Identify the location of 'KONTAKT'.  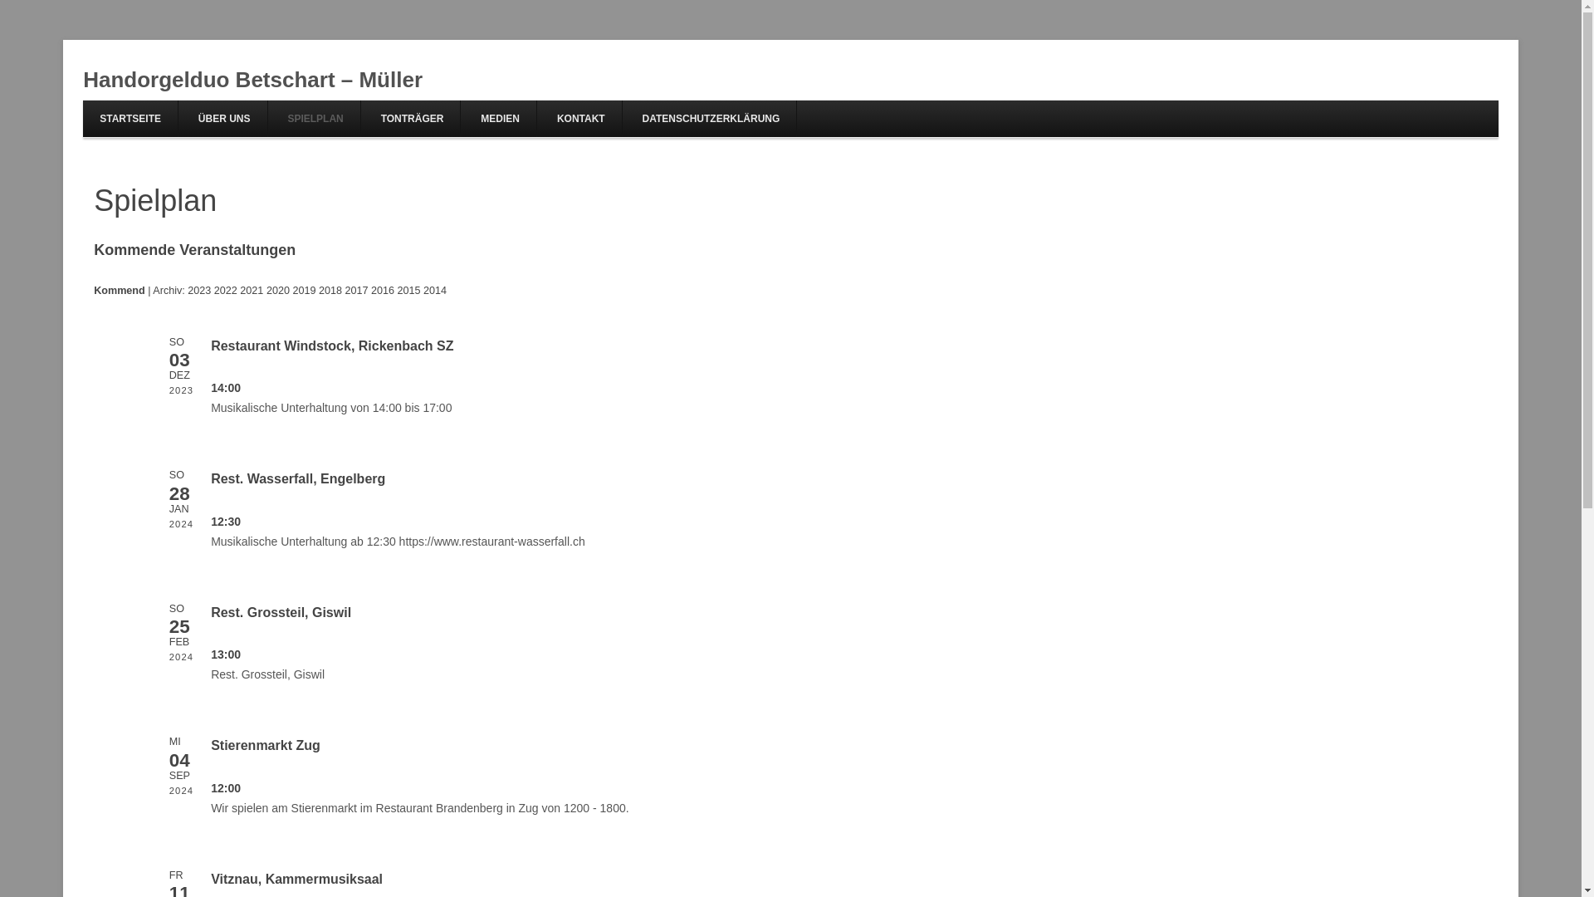
(581, 117).